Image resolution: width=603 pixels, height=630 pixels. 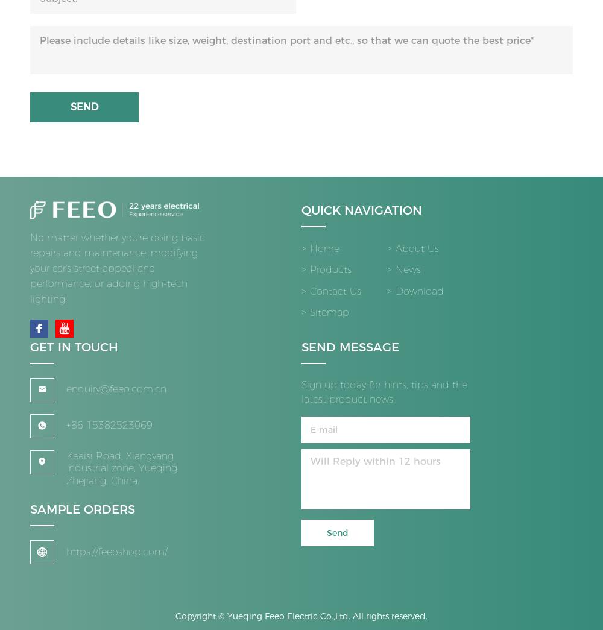 I want to click on 'Products', so click(x=310, y=275).